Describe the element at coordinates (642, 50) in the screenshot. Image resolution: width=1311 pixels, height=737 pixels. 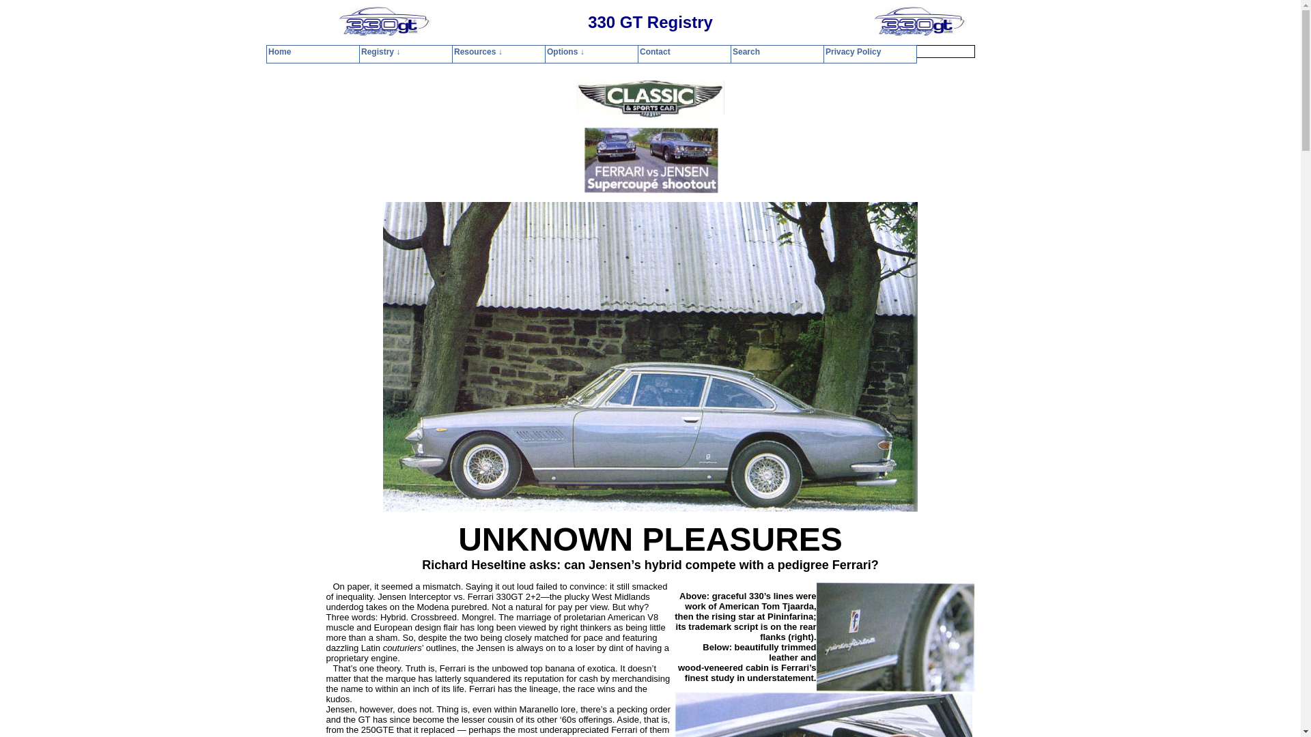
I see `'Options'` at that location.